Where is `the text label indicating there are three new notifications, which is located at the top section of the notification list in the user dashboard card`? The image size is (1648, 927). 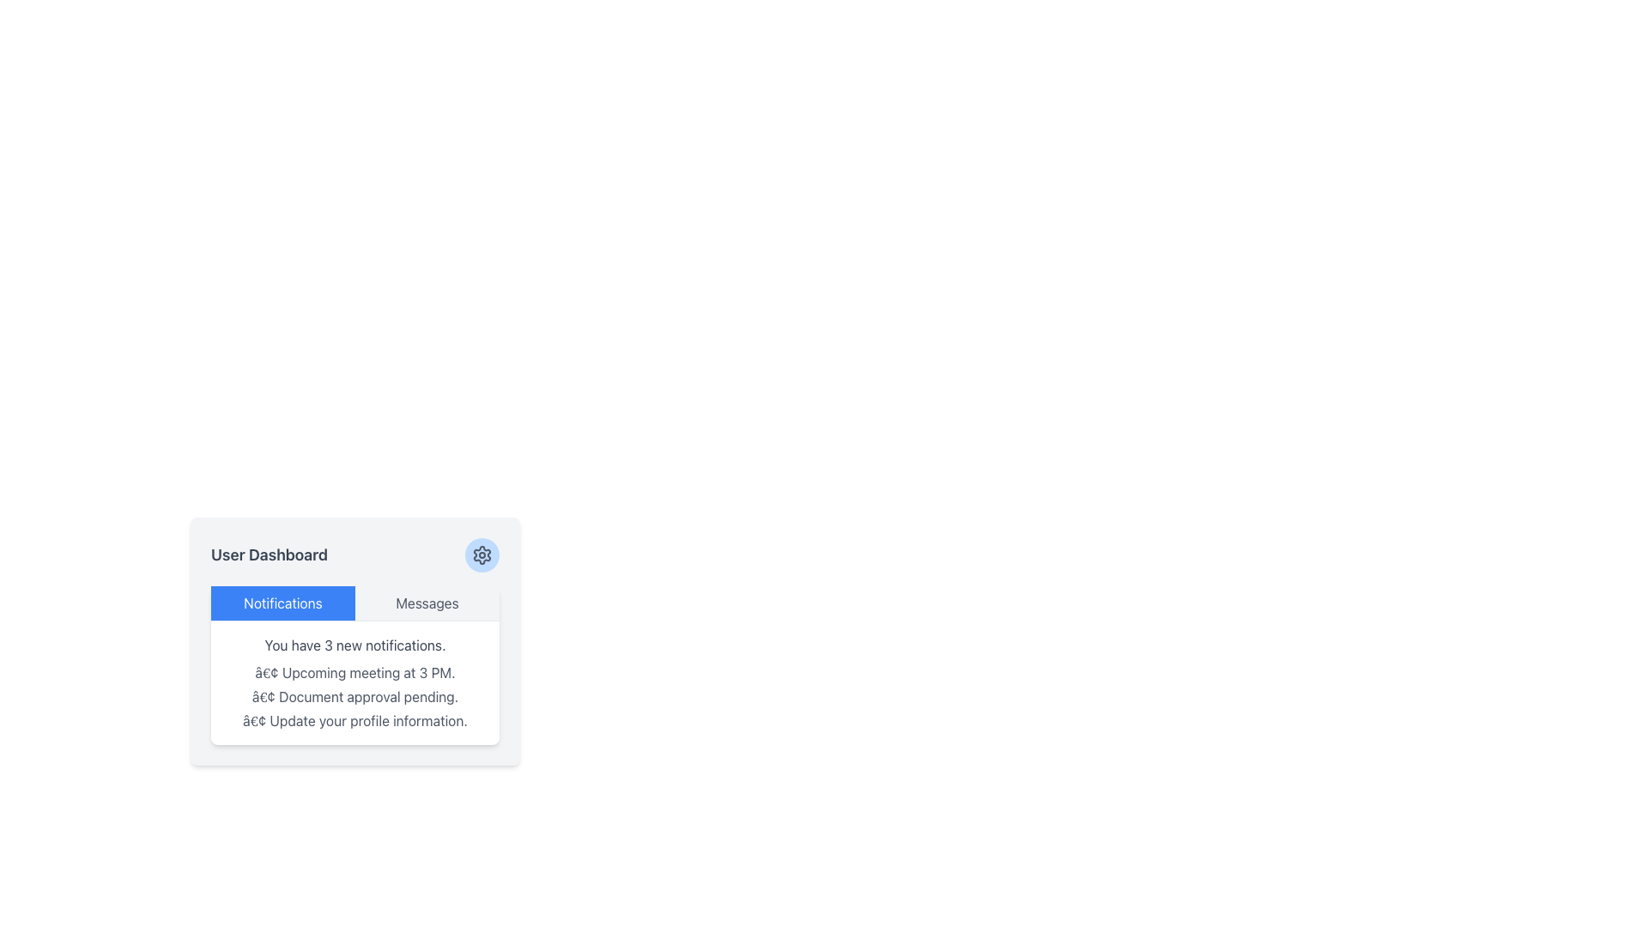 the text label indicating there are three new notifications, which is located at the top section of the notification list in the user dashboard card is located at coordinates (354, 645).